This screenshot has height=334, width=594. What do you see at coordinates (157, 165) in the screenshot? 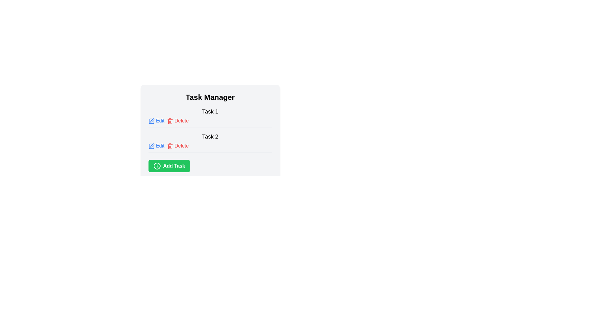
I see `the green circular icon with a white plus sign inside, which is the leftmost component of the 'Add Task' button in the 'Task Manager' interface` at bounding box center [157, 165].